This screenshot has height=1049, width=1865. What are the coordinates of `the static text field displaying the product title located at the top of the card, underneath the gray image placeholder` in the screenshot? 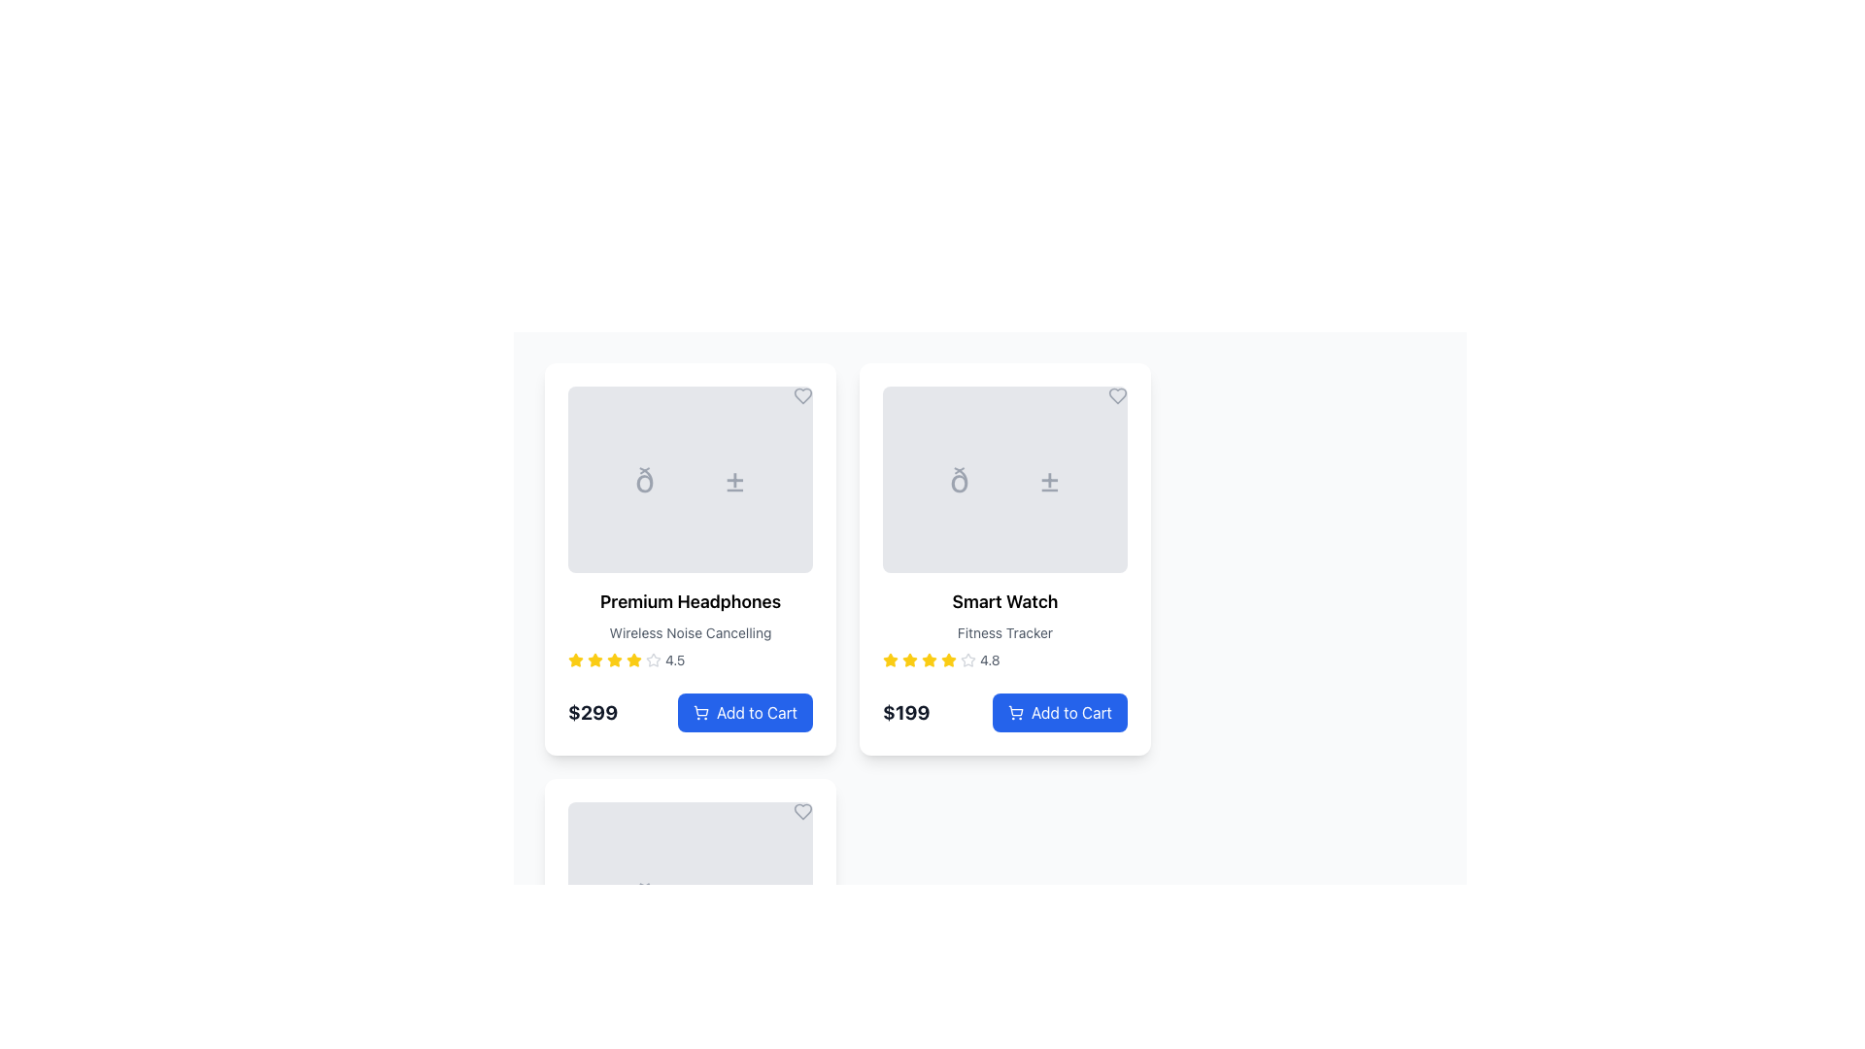 It's located at (690, 601).